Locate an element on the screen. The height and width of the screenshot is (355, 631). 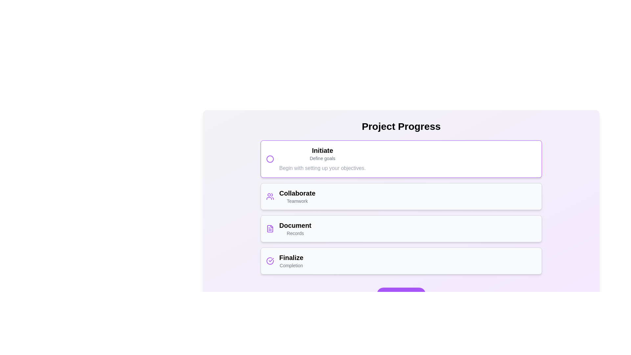
the static text label that reads 'Define goals', which is positioned below the 'Initiate' label in the Project Progress section is located at coordinates (322, 158).